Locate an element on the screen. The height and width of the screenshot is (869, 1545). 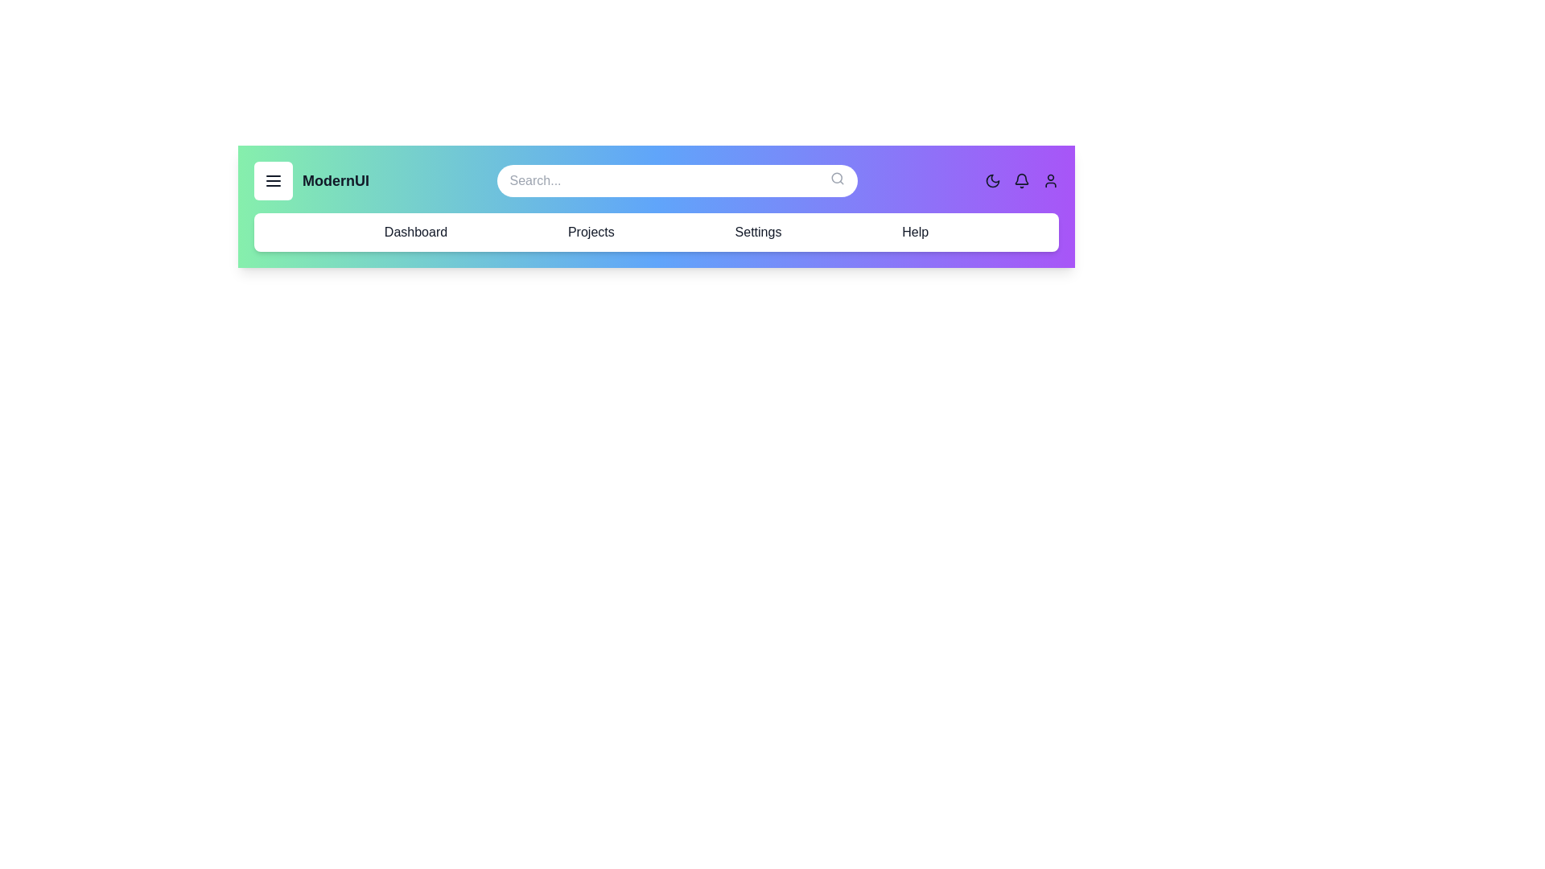
the navigation item labeled Settings is located at coordinates (757, 233).